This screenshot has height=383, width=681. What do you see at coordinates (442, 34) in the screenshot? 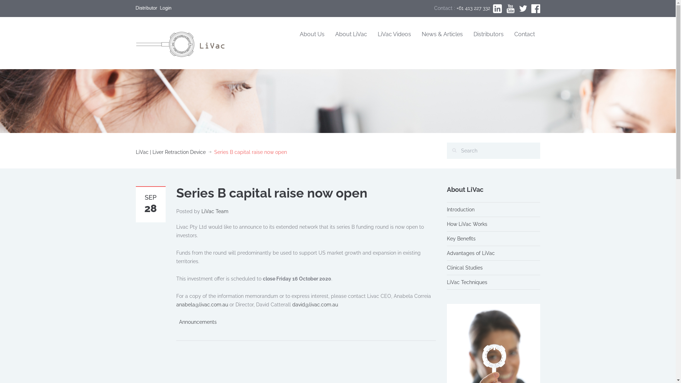
I see `'News & Articles'` at bounding box center [442, 34].